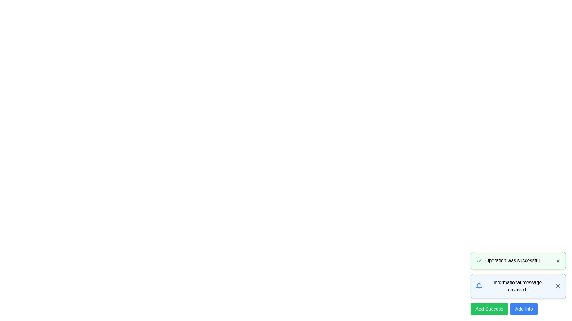 The image size is (572, 321). I want to click on the small interactive 'X' button located on the right side of the notification component, so click(557, 260).